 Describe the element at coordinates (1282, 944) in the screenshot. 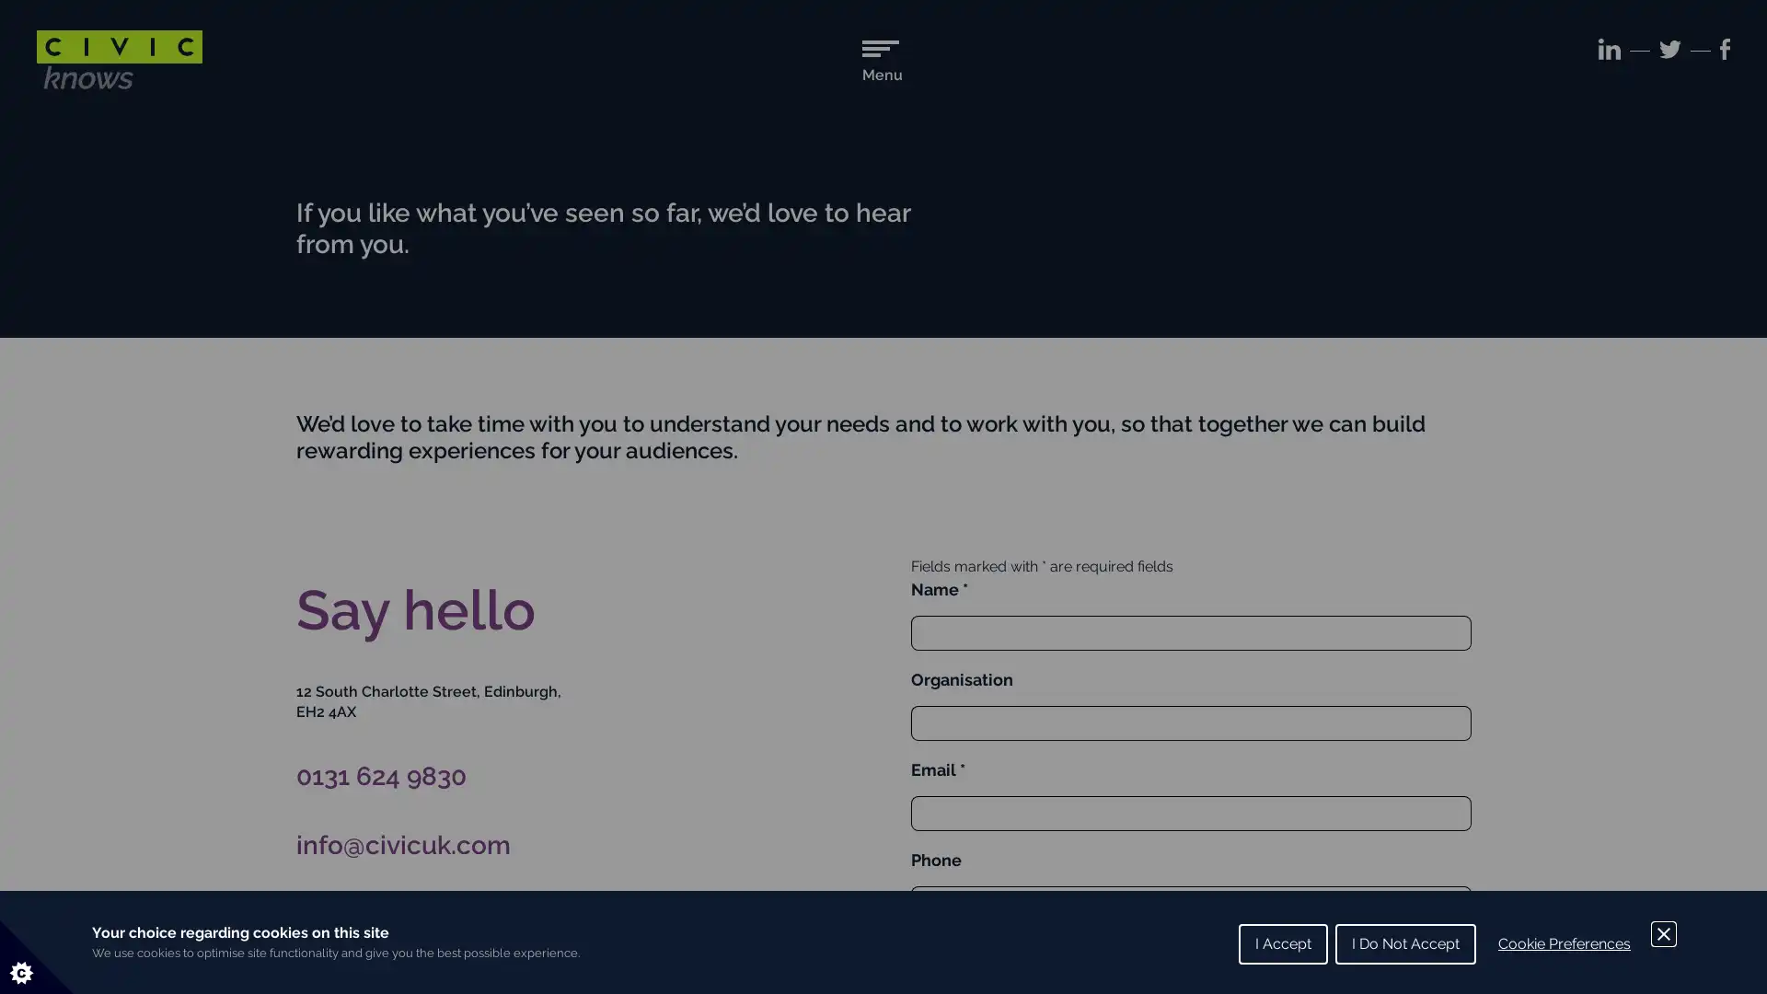

I see `I Accept` at that location.